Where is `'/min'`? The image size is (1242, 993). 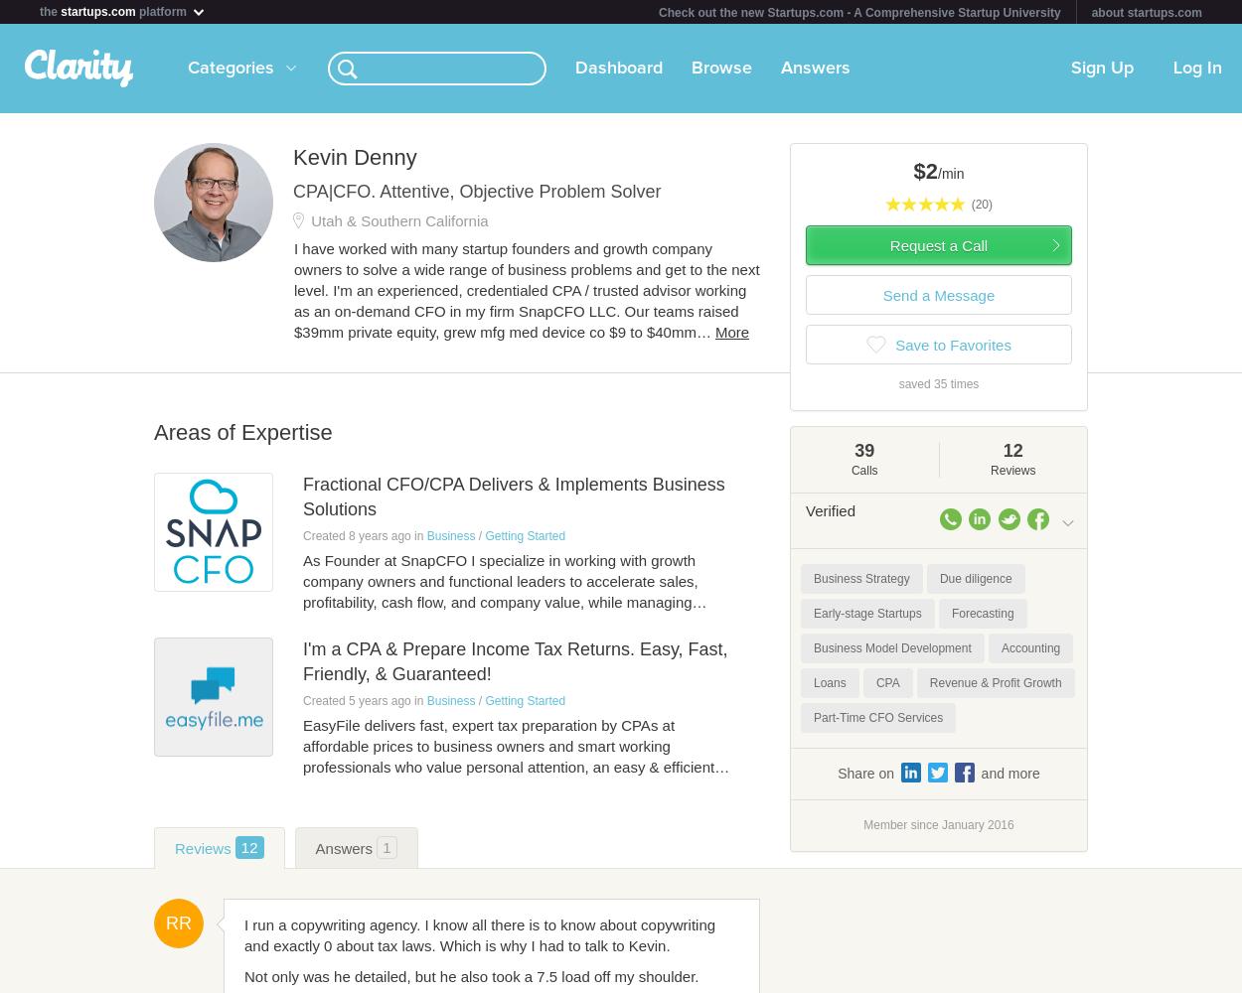 '/min' is located at coordinates (949, 174).